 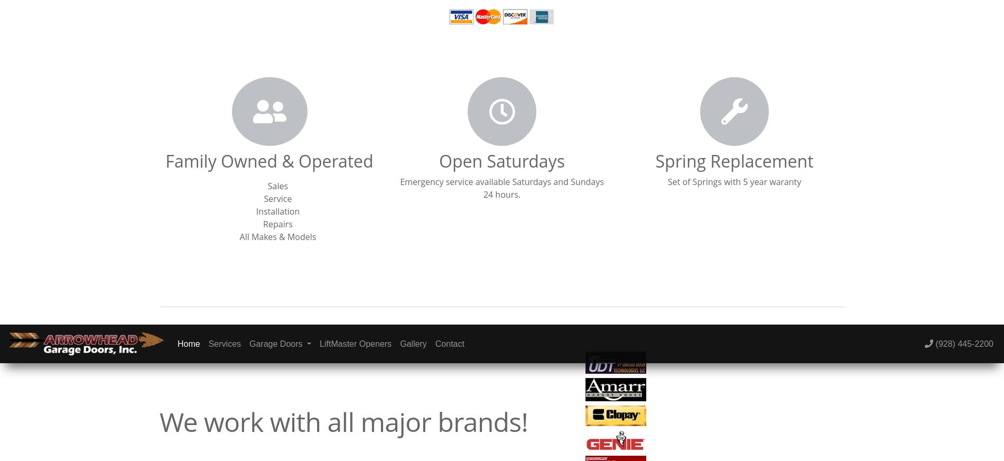 I want to click on 'Bonded & Insured', so click(x=63, y=45).